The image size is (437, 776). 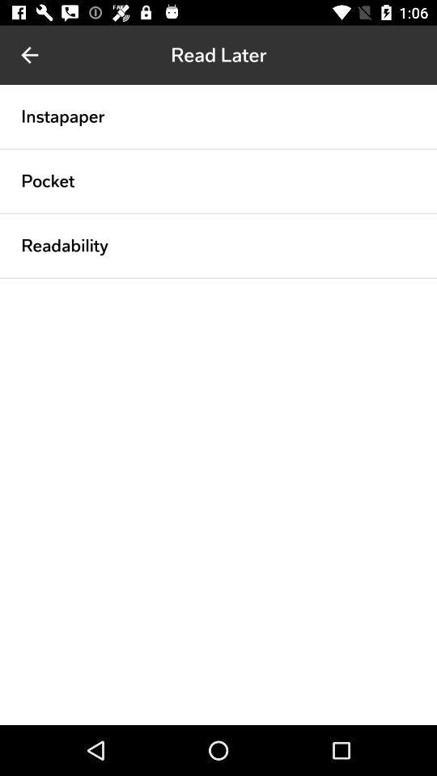 I want to click on the item next to read later icon, so click(x=29, y=55).